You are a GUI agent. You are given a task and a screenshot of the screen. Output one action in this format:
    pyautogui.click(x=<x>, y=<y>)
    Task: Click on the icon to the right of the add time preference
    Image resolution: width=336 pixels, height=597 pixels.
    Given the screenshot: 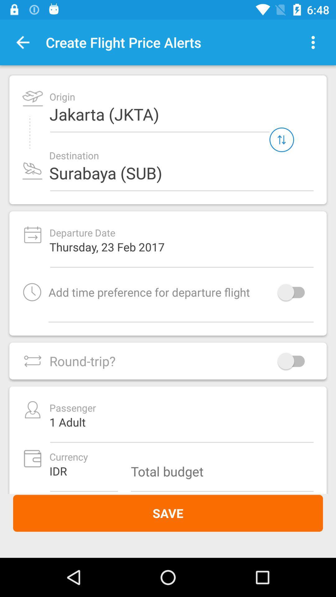 What is the action you would take?
    pyautogui.click(x=294, y=292)
    